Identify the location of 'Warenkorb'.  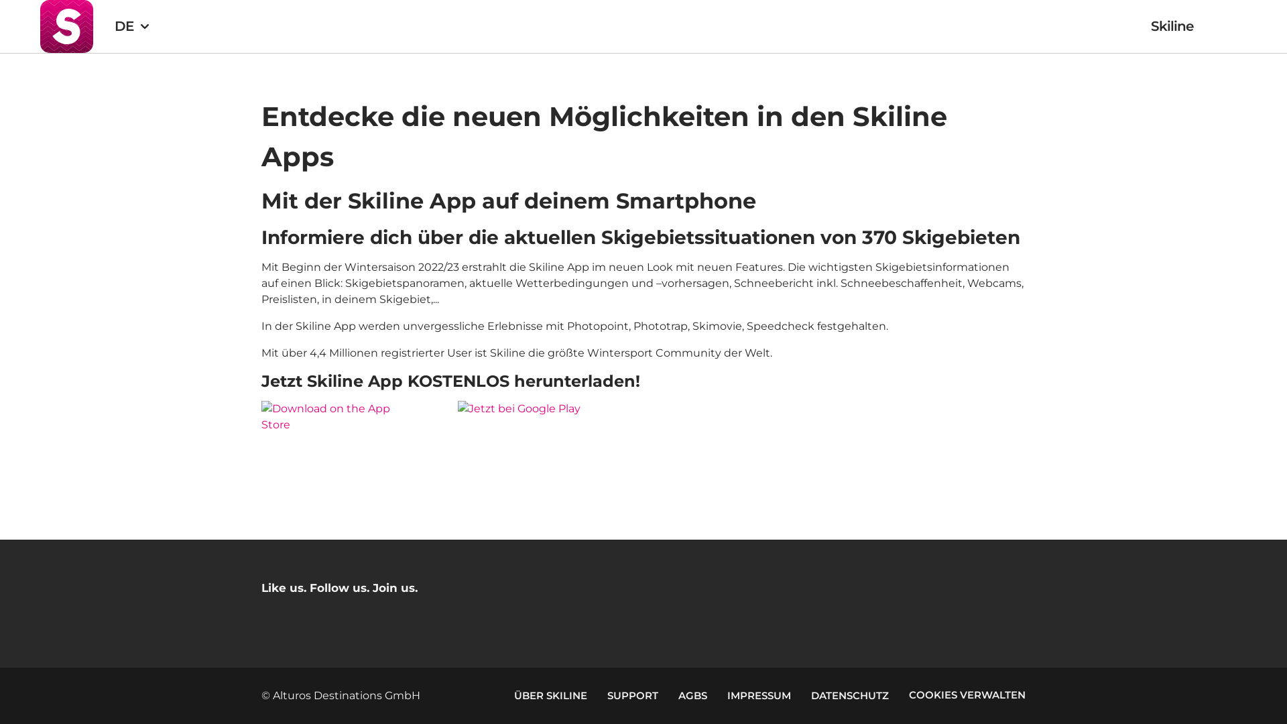
(1228, 26).